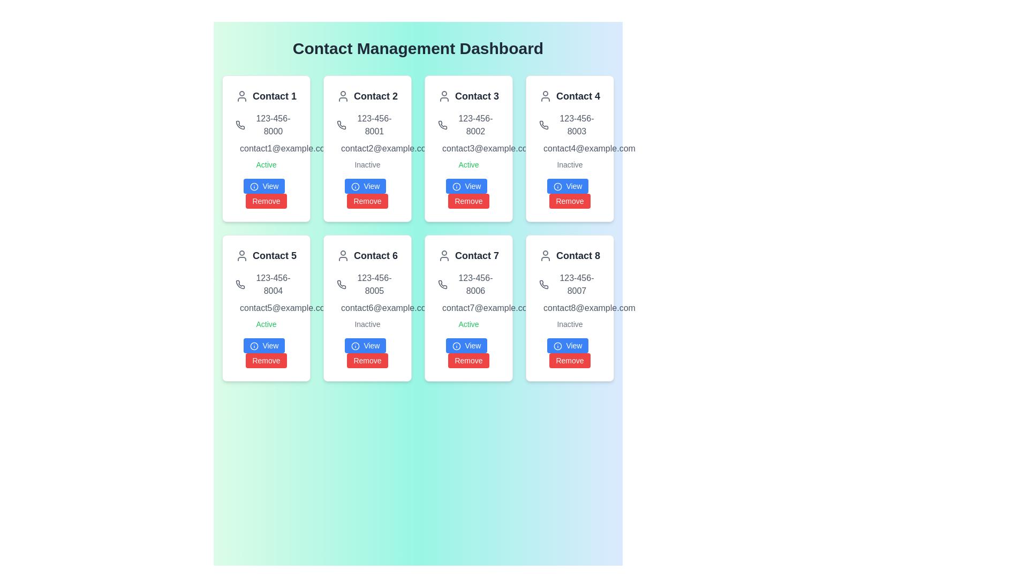 Image resolution: width=1028 pixels, height=578 pixels. Describe the element at coordinates (444, 256) in the screenshot. I see `the icon representing 'Contact 7', which is located inside the card for 'Contact 7', specifically to the left of the text label, as the first visual element at the top of the card` at that location.